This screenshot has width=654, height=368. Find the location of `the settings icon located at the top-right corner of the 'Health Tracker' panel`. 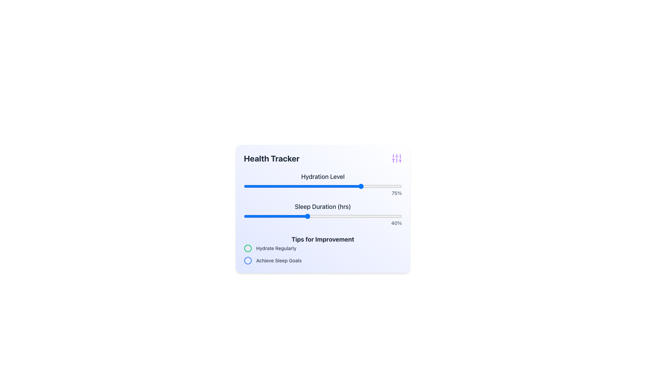

the settings icon located at the top-right corner of the 'Health Tracker' panel is located at coordinates (397, 158).